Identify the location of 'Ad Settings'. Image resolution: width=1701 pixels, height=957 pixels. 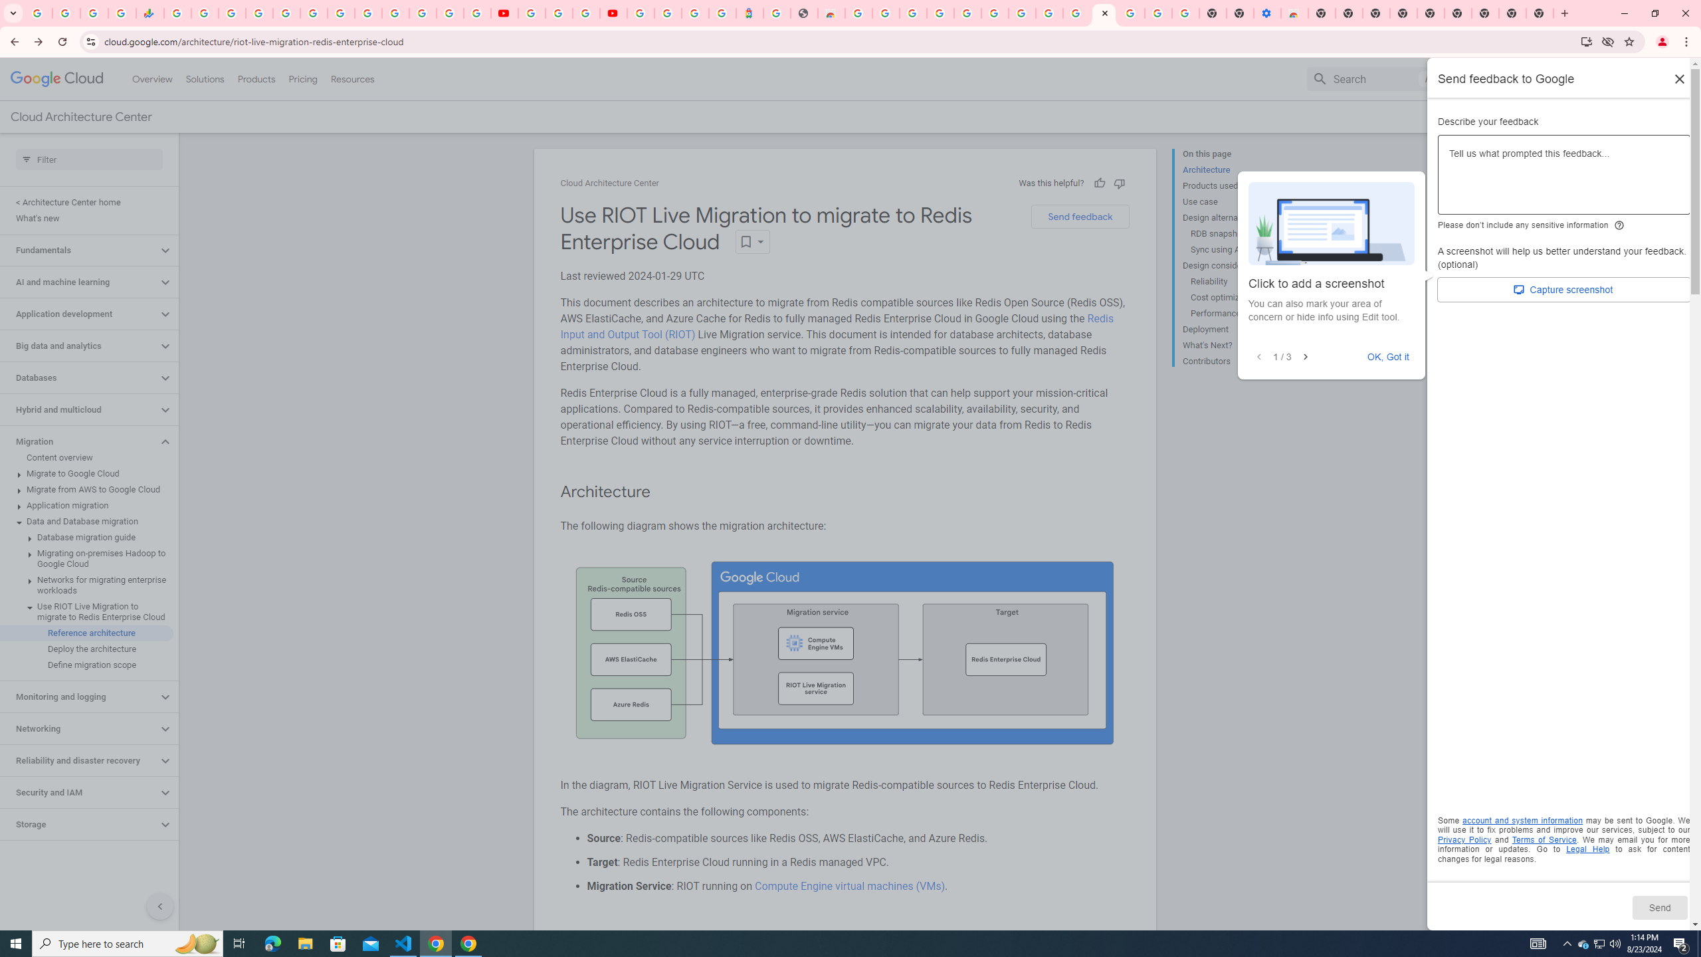
(940, 13).